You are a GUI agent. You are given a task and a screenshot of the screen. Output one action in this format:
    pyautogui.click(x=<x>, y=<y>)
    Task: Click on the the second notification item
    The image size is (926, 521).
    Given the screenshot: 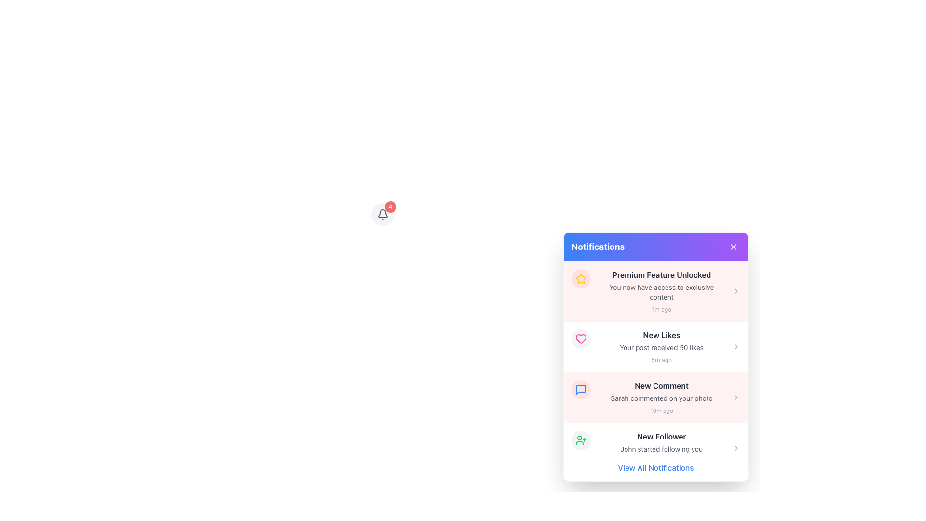 What is the action you would take?
    pyautogui.click(x=655, y=346)
    